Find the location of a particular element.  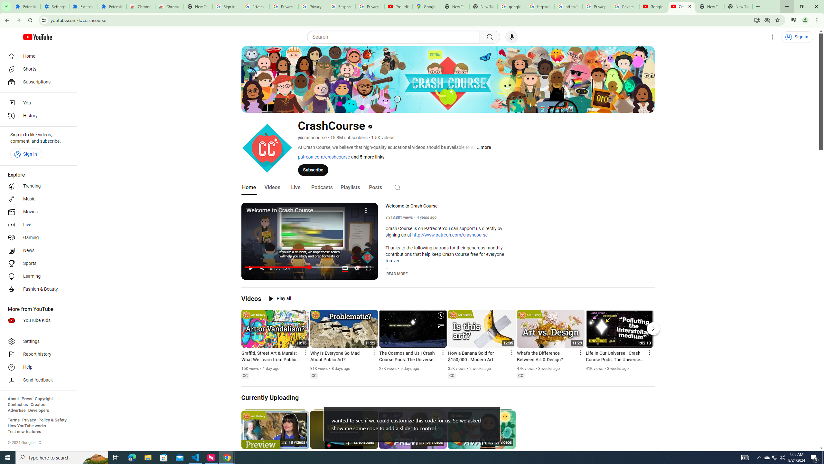

'History' is located at coordinates (36, 116).